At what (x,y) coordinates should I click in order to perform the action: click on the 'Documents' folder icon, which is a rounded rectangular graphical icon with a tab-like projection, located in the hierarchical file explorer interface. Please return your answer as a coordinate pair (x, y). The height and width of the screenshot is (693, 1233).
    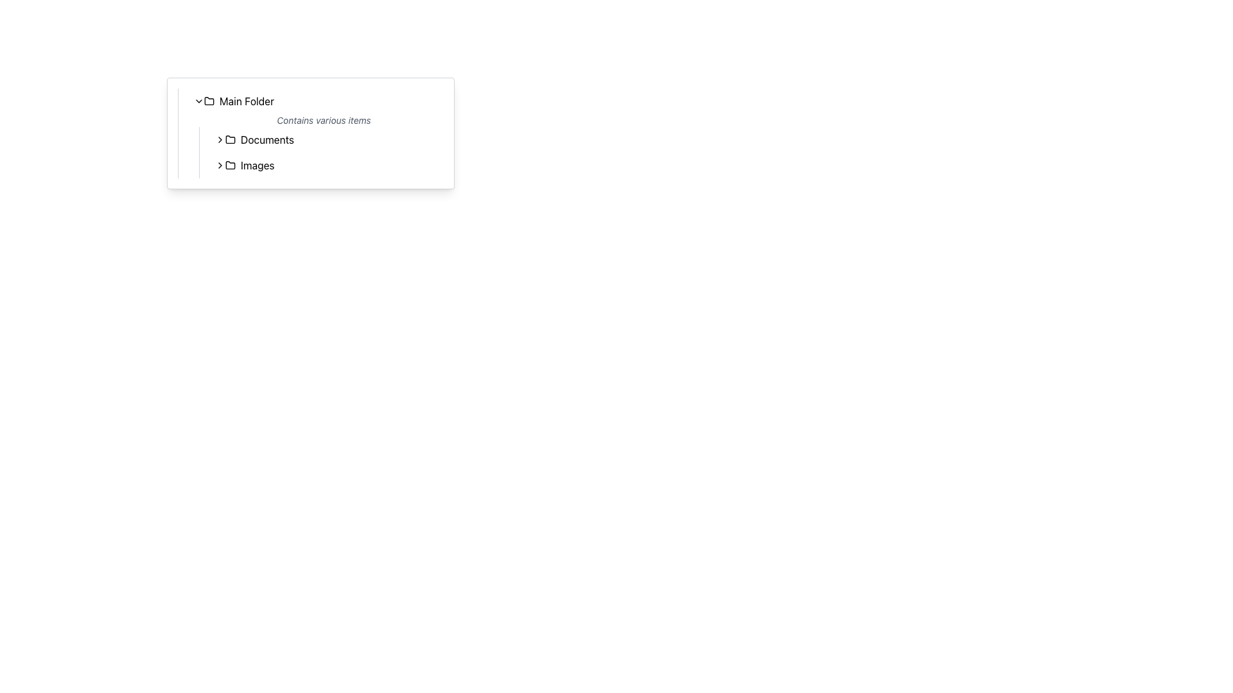
    Looking at the image, I should click on (231, 139).